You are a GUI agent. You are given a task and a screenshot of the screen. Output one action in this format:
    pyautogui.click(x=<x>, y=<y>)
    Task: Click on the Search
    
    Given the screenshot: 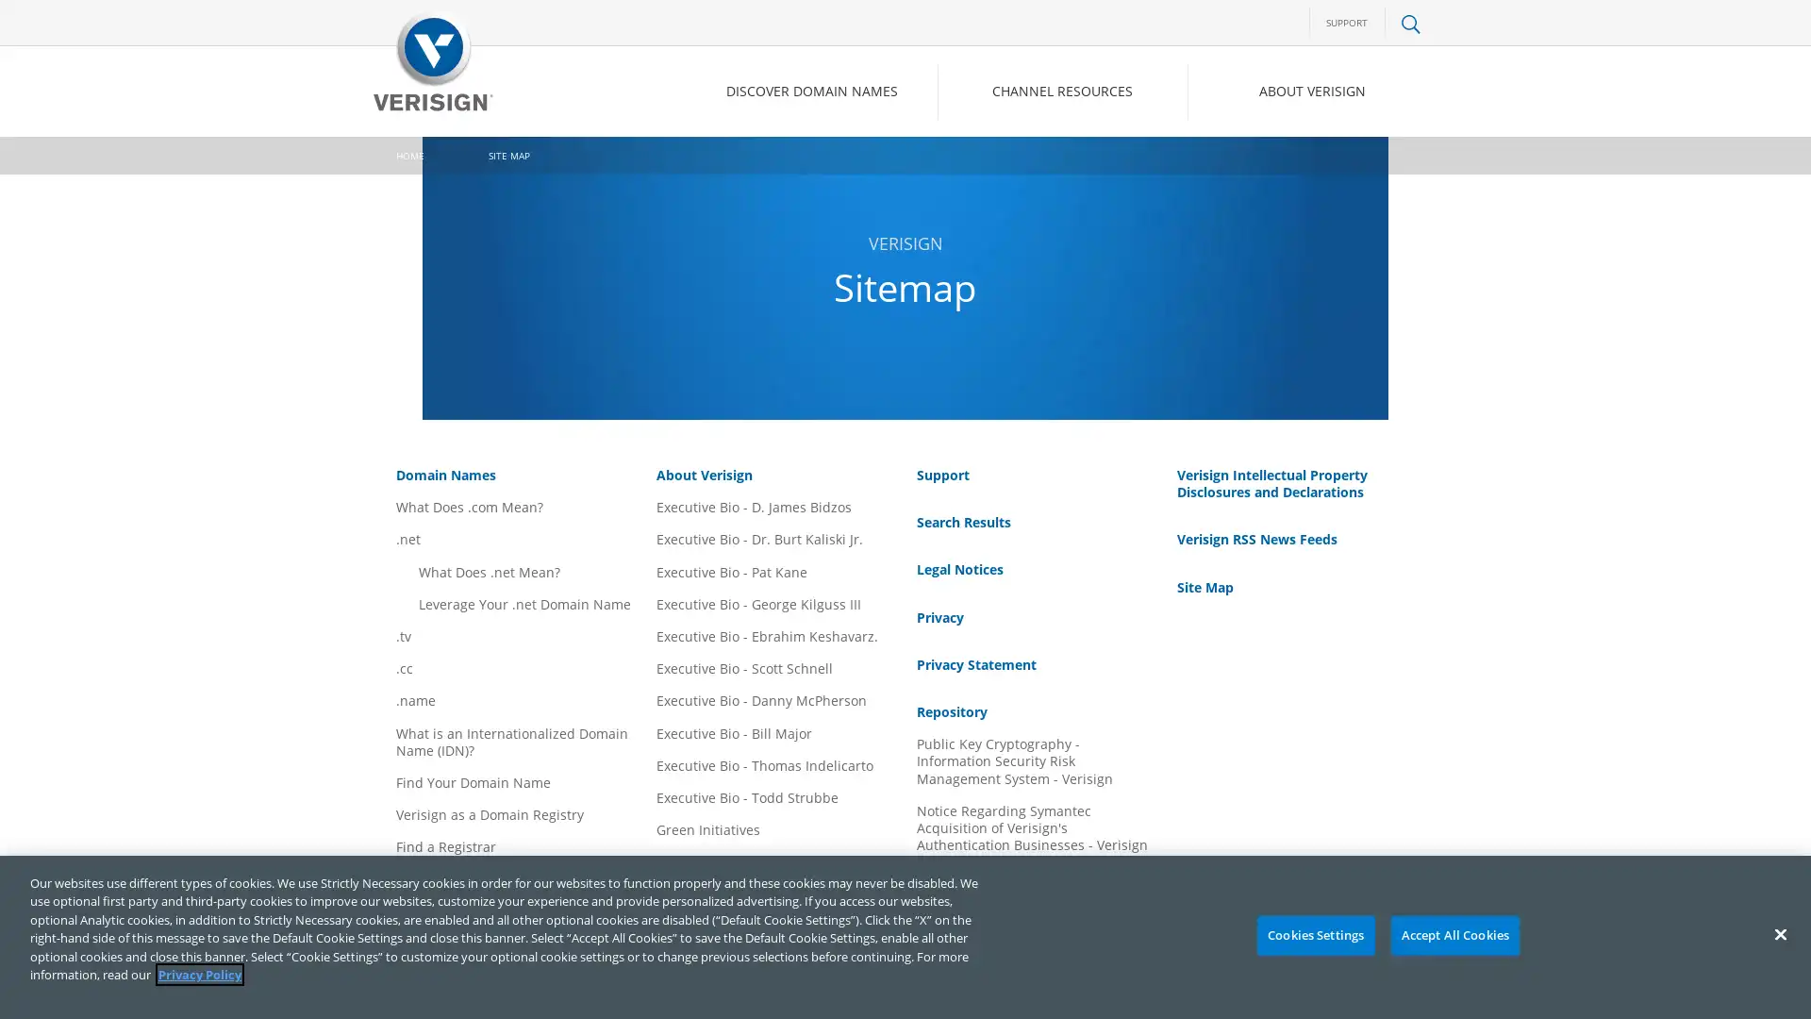 What is the action you would take?
    pyautogui.click(x=1258, y=171)
    